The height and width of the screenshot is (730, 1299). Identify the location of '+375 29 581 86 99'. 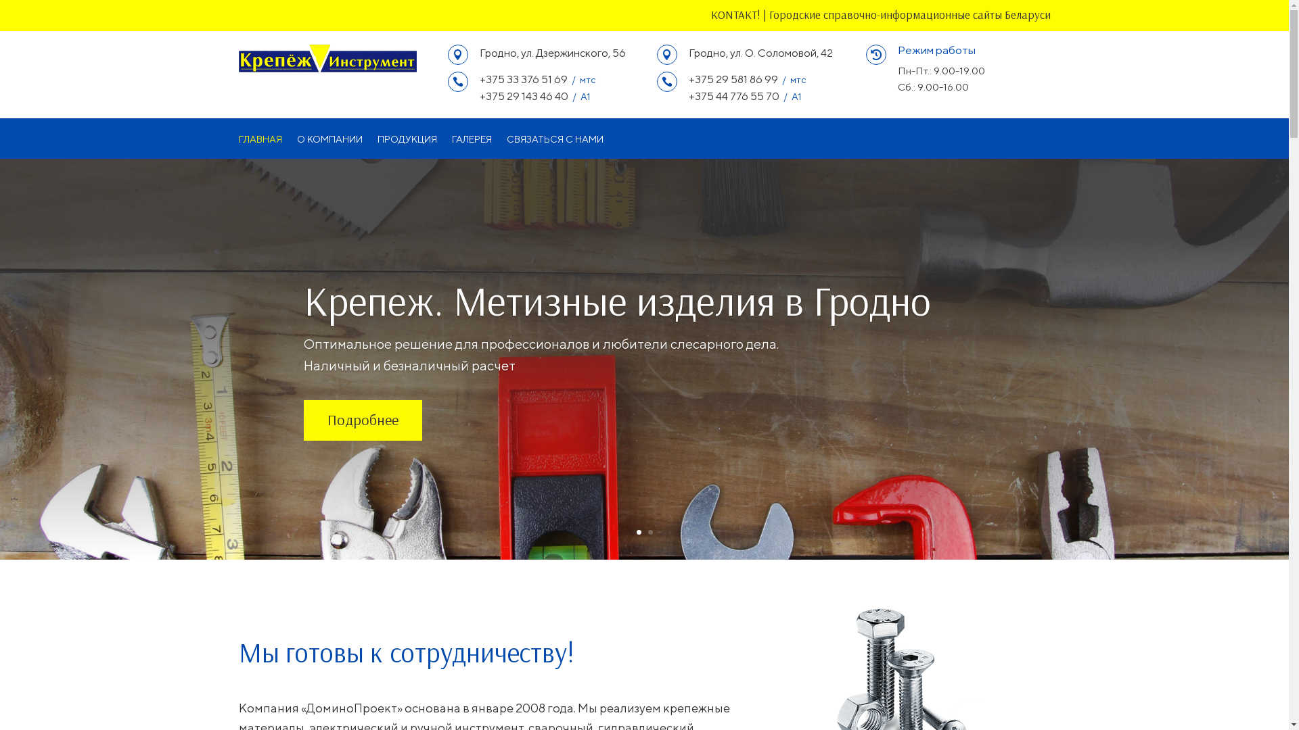
(733, 79).